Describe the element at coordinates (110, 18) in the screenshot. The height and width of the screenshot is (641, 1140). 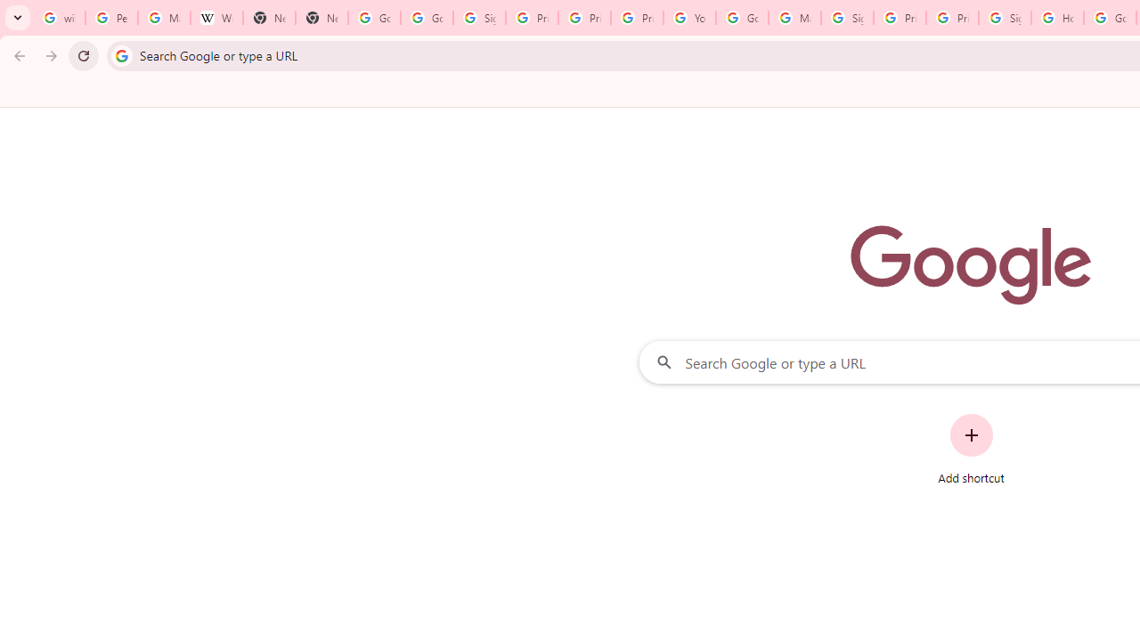
I see `'Personalization & Google Search results - Google Search Help'` at that location.